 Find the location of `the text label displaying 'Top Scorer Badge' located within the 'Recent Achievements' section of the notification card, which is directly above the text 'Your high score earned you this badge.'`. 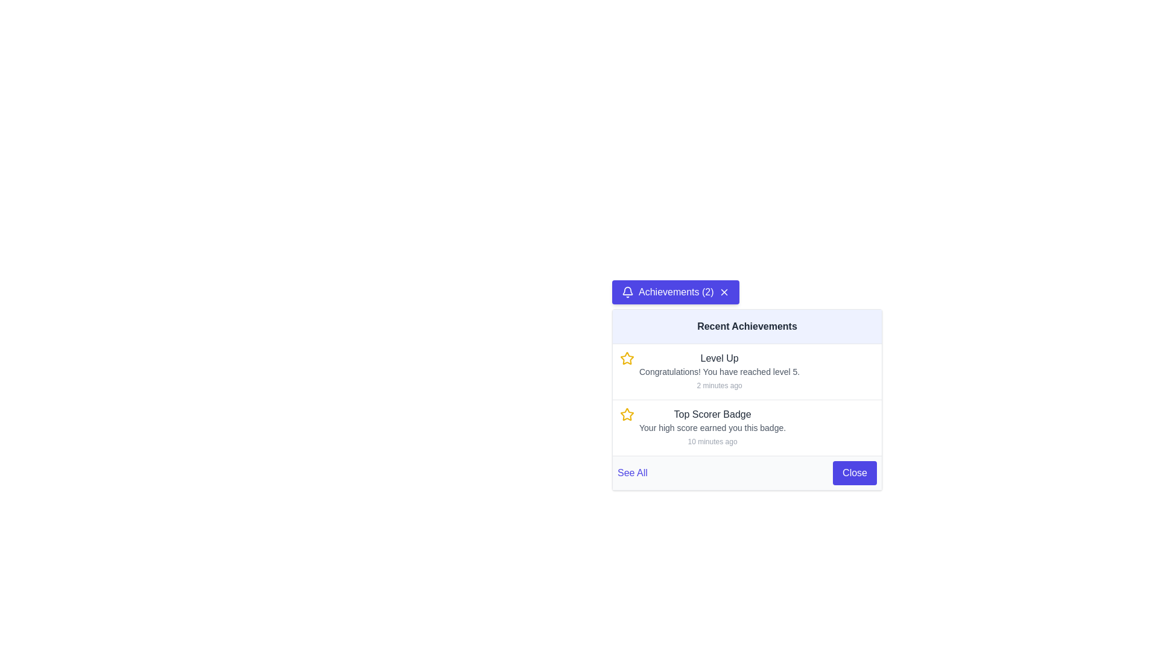

the text label displaying 'Top Scorer Badge' located within the 'Recent Achievements' section of the notification card, which is directly above the text 'Your high score earned you this badge.' is located at coordinates (712, 414).